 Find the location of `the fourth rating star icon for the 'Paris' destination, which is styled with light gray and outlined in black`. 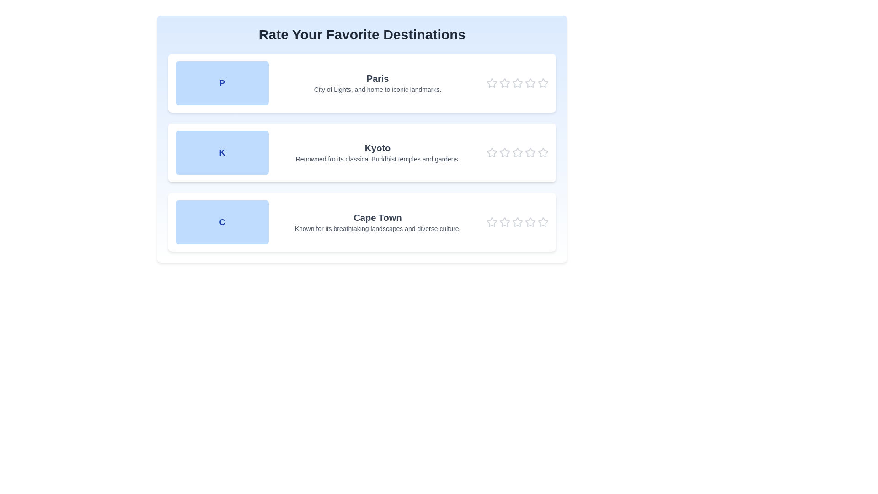

the fourth rating star icon for the 'Paris' destination, which is styled with light gray and outlined in black is located at coordinates (518, 83).